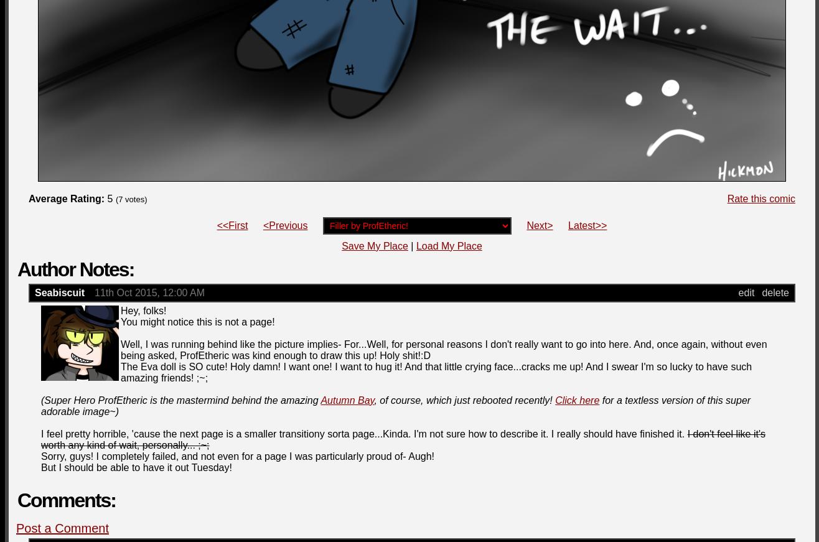 The image size is (819, 542). I want to click on 'delete', so click(775, 292).